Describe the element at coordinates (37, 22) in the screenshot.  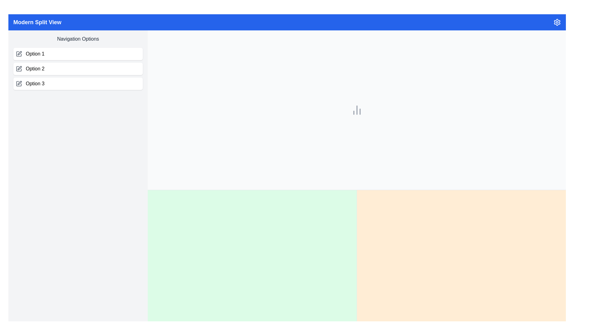
I see `the text label located in the top-left corner of the interface, which serves as the section's title within a horizontal blue header bar` at that location.